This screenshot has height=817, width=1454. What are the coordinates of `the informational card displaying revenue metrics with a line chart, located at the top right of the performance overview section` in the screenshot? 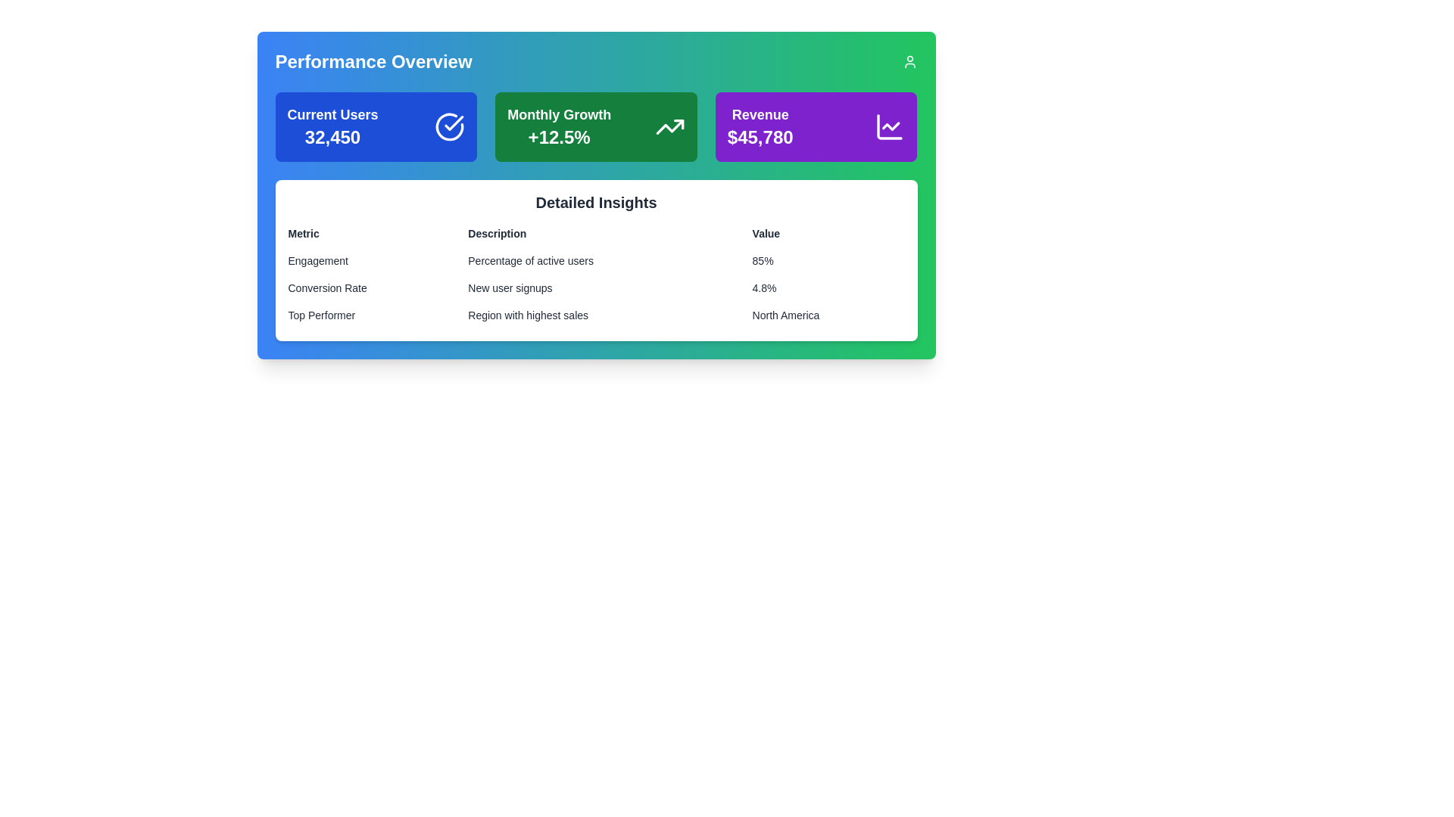 It's located at (816, 126).